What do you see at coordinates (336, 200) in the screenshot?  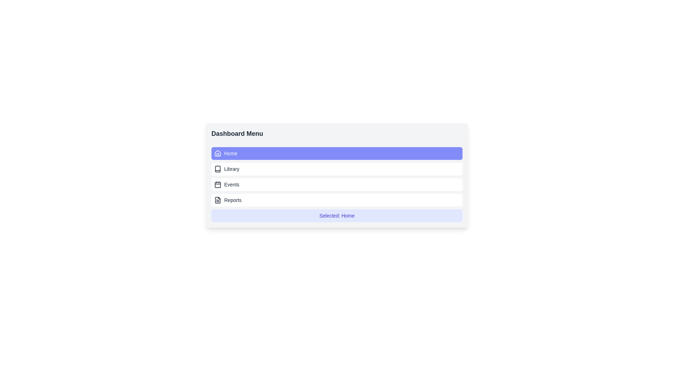 I see `the button labeled Reports to select the corresponding menu item` at bounding box center [336, 200].